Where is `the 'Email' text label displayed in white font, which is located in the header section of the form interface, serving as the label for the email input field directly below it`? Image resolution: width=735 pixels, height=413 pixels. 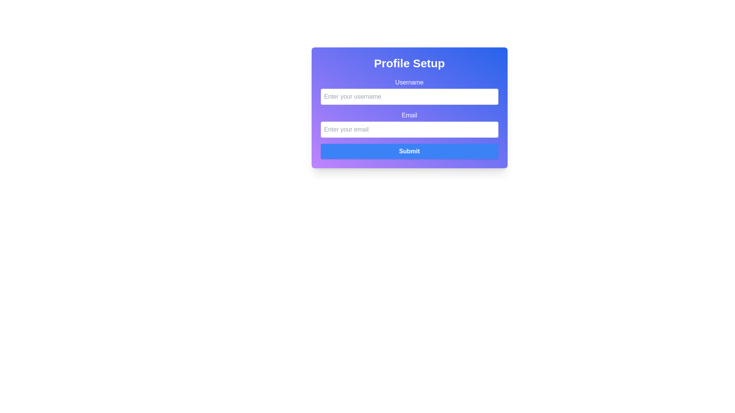 the 'Email' text label displayed in white font, which is located in the header section of the form interface, serving as the label for the email input field directly below it is located at coordinates (409, 115).